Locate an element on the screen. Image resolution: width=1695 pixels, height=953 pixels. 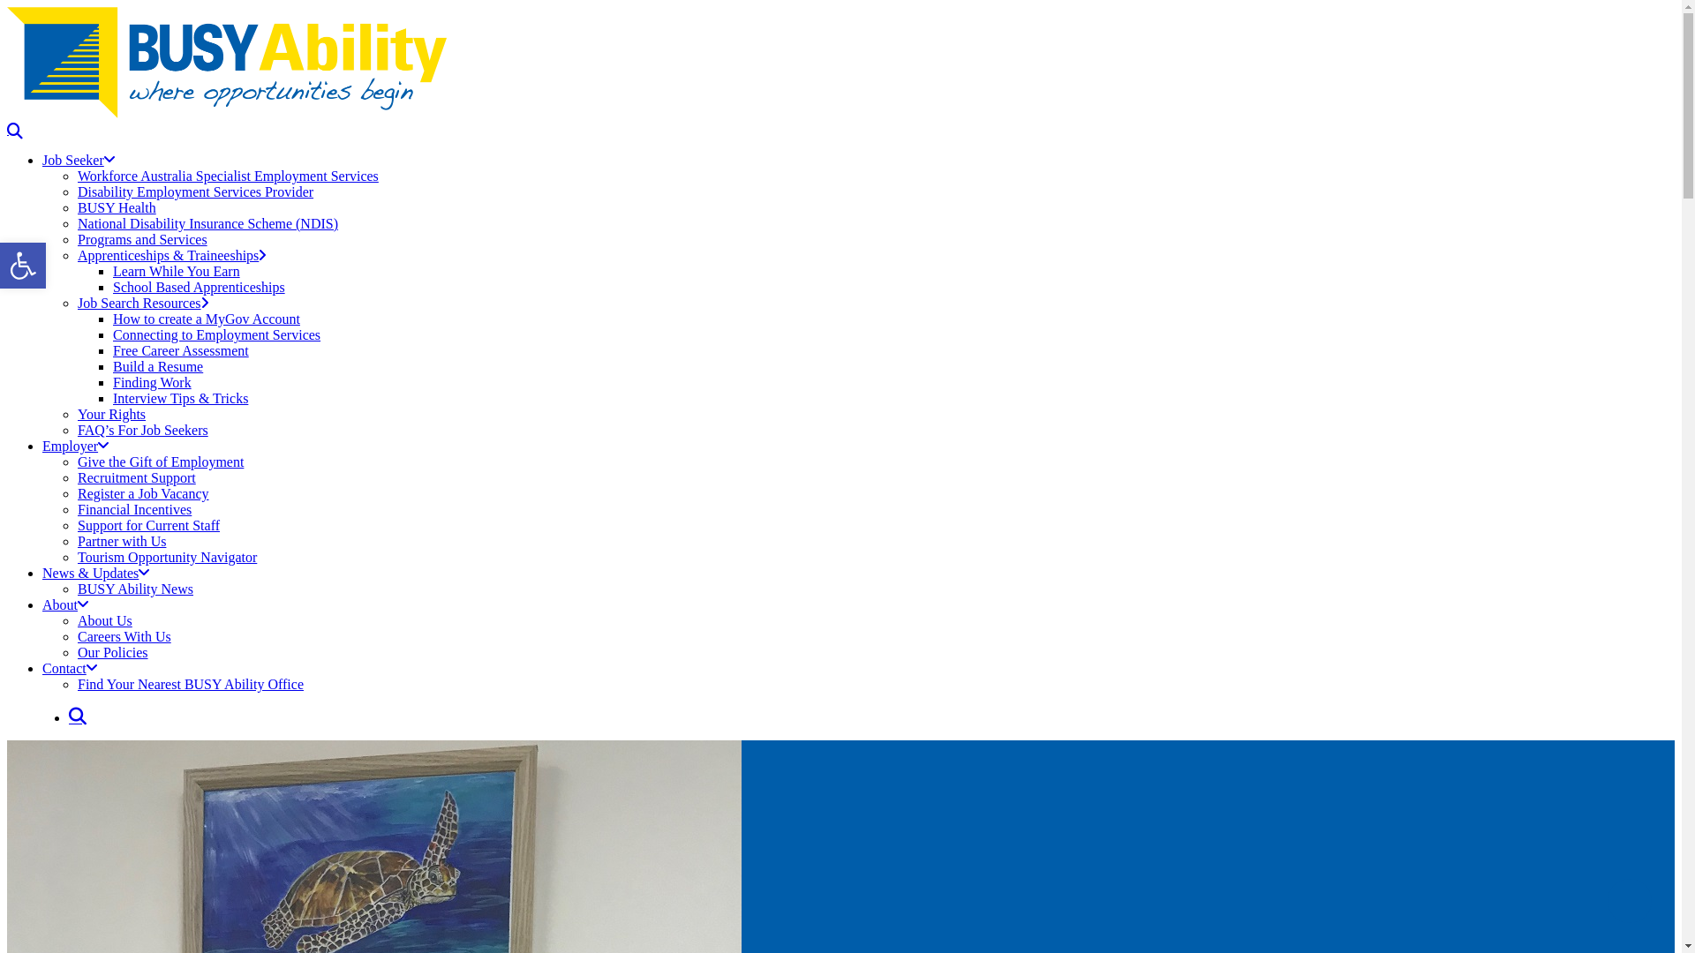
'Recruitment Support' is located at coordinates (135, 477).